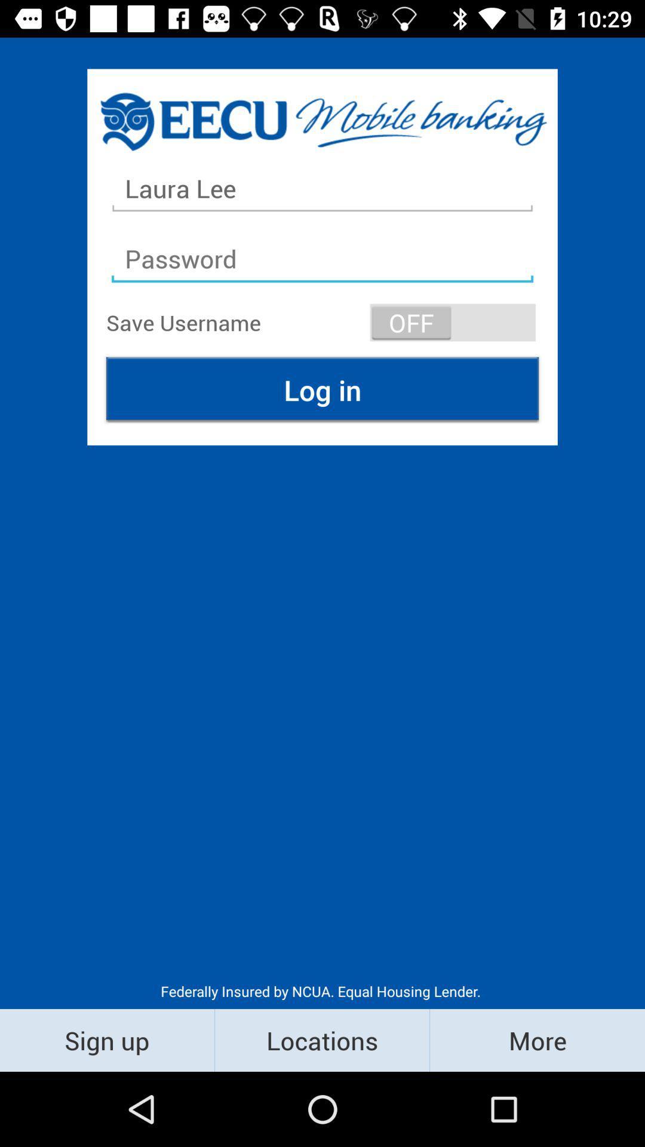 The width and height of the screenshot is (645, 1147). I want to click on log in at the center, so click(322, 390).